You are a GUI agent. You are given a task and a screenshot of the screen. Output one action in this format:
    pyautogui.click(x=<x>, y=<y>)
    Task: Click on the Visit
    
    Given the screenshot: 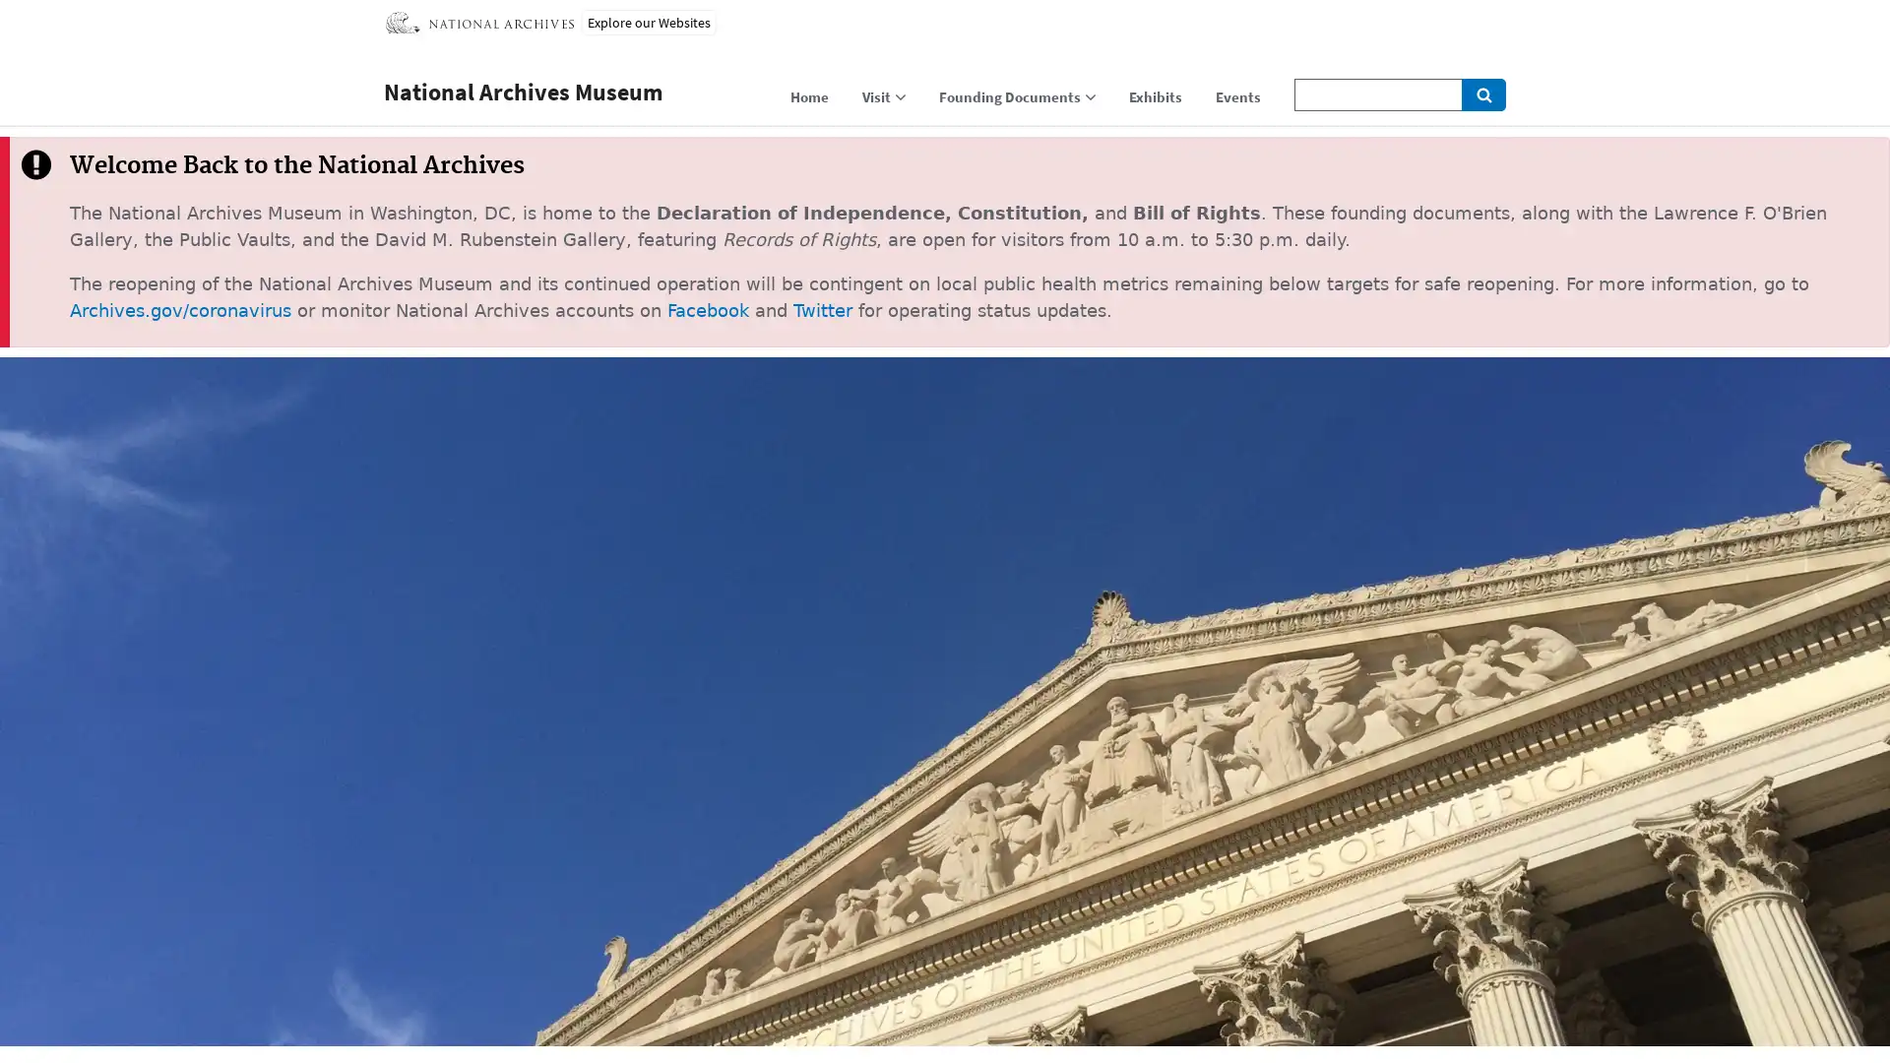 What is the action you would take?
    pyautogui.click(x=882, y=101)
    